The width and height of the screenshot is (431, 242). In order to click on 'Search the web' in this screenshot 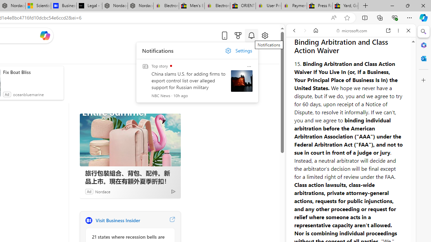, I will do `click(354, 46)`.